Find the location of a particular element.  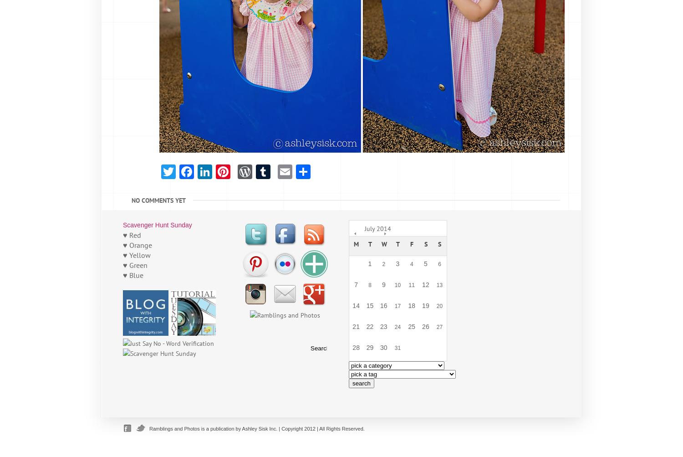

'♥ Red' is located at coordinates (123, 235).